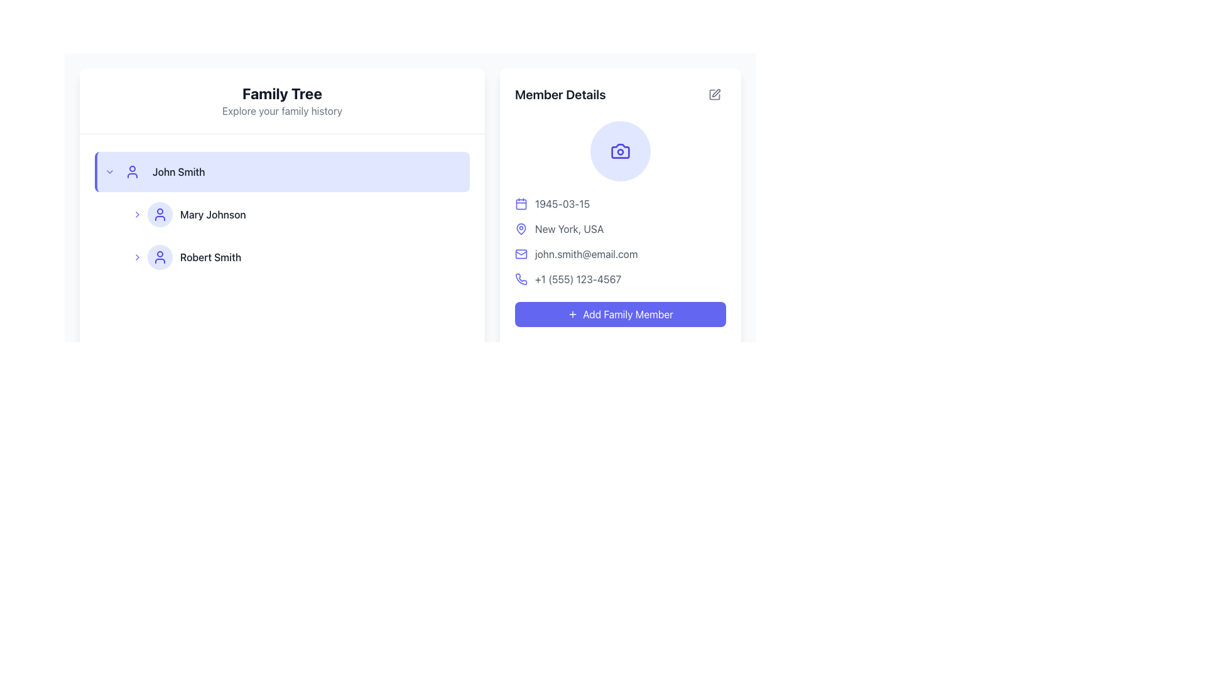  What do you see at coordinates (138, 214) in the screenshot?
I see `the graphic icon located to the left of the profile icon and name 'Mary Johnson' in the Family Tree category, which indicates that the entry can be expanded or interacted with` at bounding box center [138, 214].